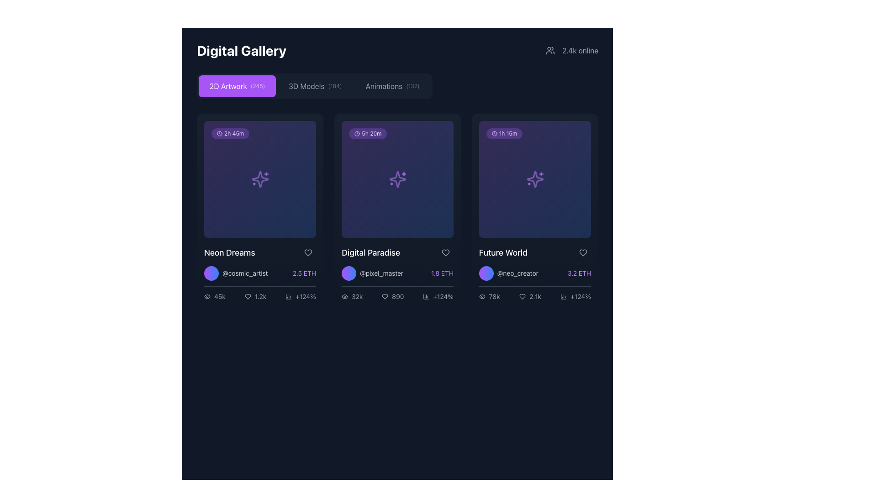 This screenshot has height=493, width=877. What do you see at coordinates (357, 297) in the screenshot?
I see `the Static Text Display element showing '32k'` at bounding box center [357, 297].